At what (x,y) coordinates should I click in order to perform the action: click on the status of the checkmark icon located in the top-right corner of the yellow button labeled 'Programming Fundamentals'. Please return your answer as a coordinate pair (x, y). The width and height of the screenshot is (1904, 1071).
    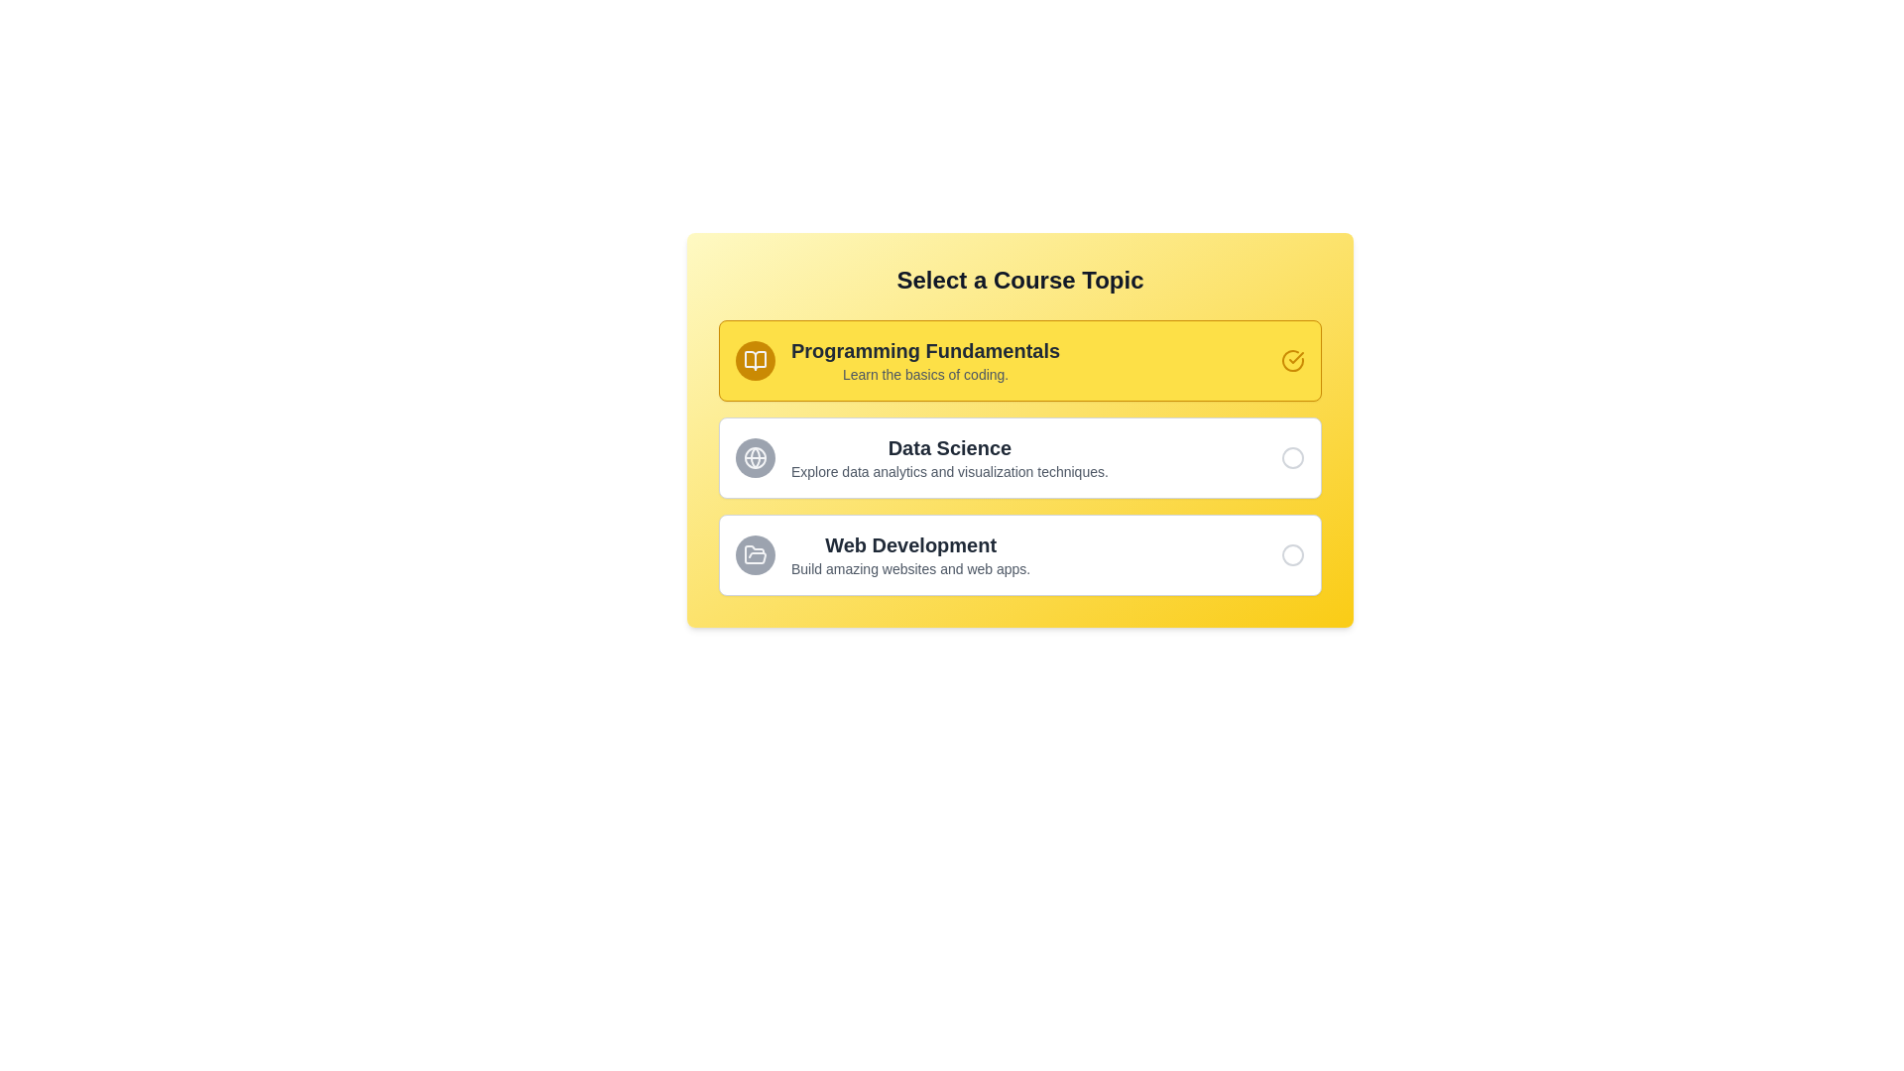
    Looking at the image, I should click on (1296, 358).